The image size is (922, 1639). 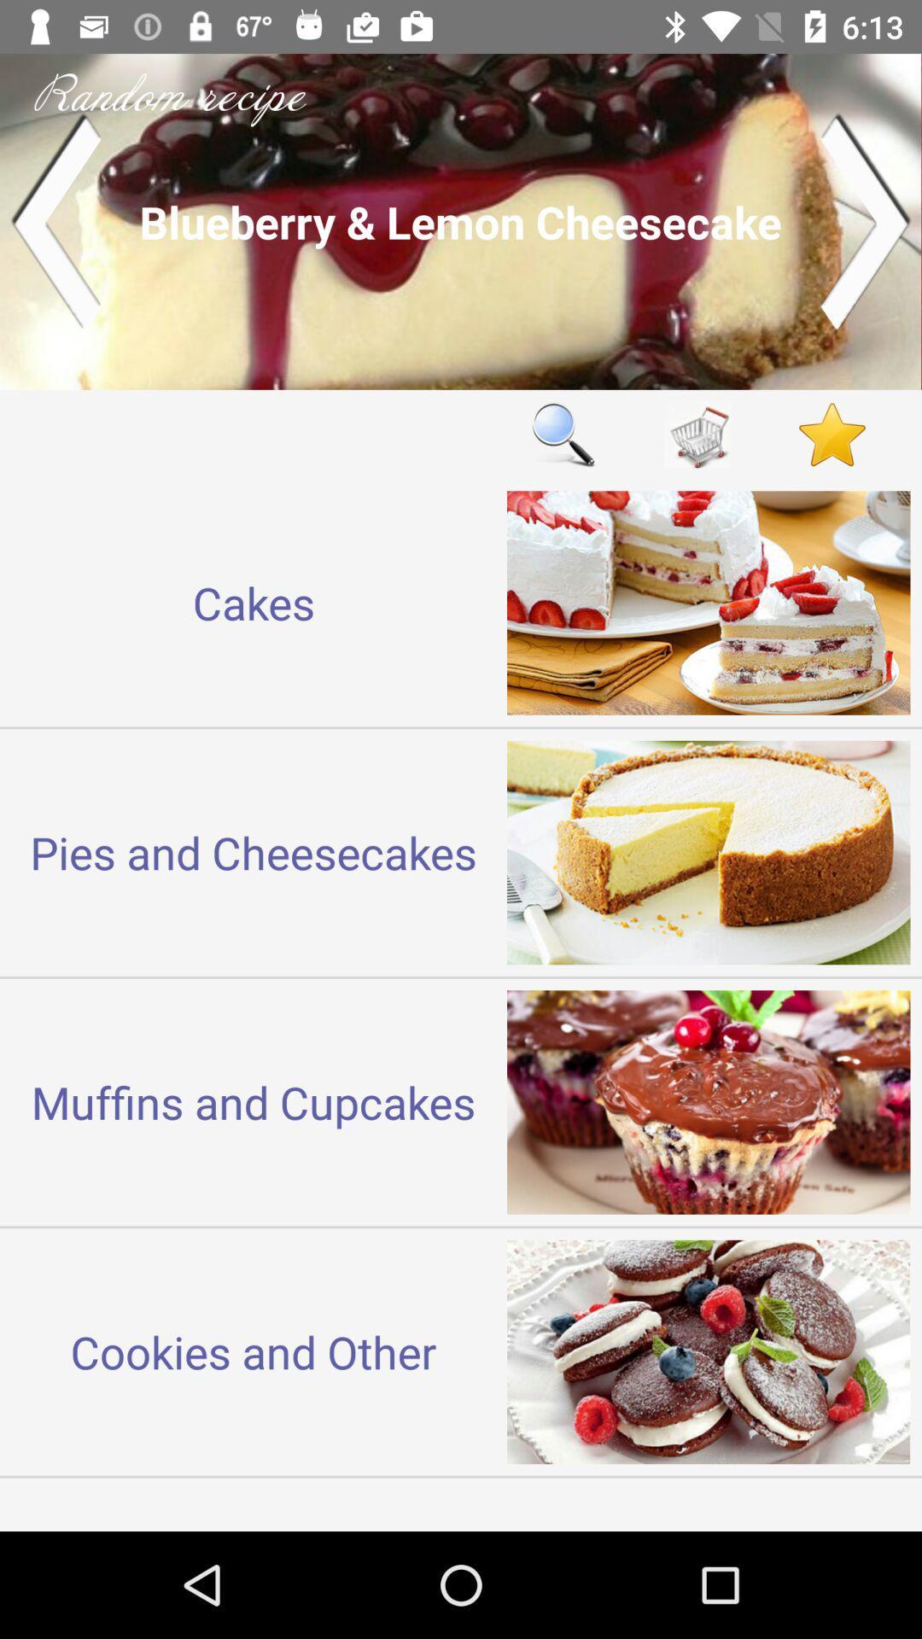 What do you see at coordinates (697, 435) in the screenshot?
I see `shopping list` at bounding box center [697, 435].